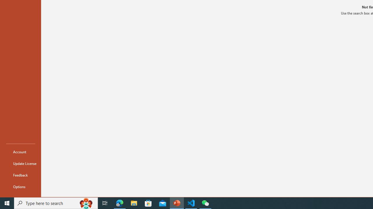 The width and height of the screenshot is (373, 209). Describe the element at coordinates (21, 152) in the screenshot. I see `'Account'` at that location.